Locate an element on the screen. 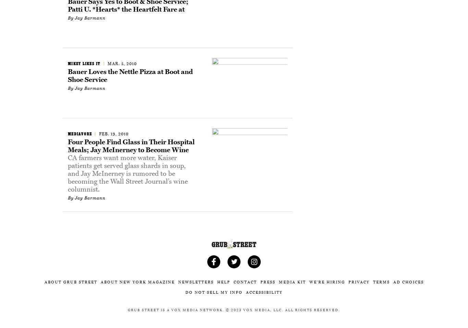 The image size is (468, 328). 'Media Kit' is located at coordinates (278, 282).